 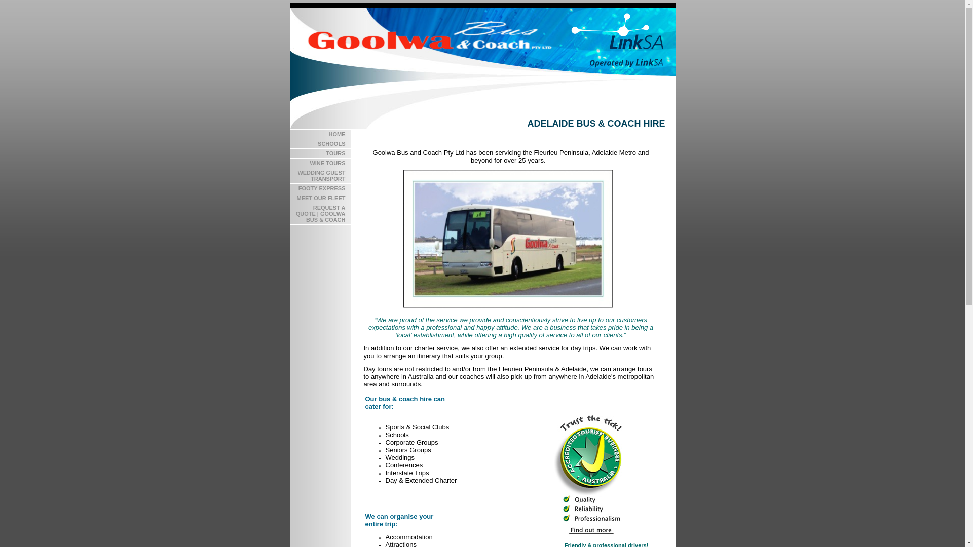 What do you see at coordinates (319, 188) in the screenshot?
I see `'FOOTY EXPRESS'` at bounding box center [319, 188].